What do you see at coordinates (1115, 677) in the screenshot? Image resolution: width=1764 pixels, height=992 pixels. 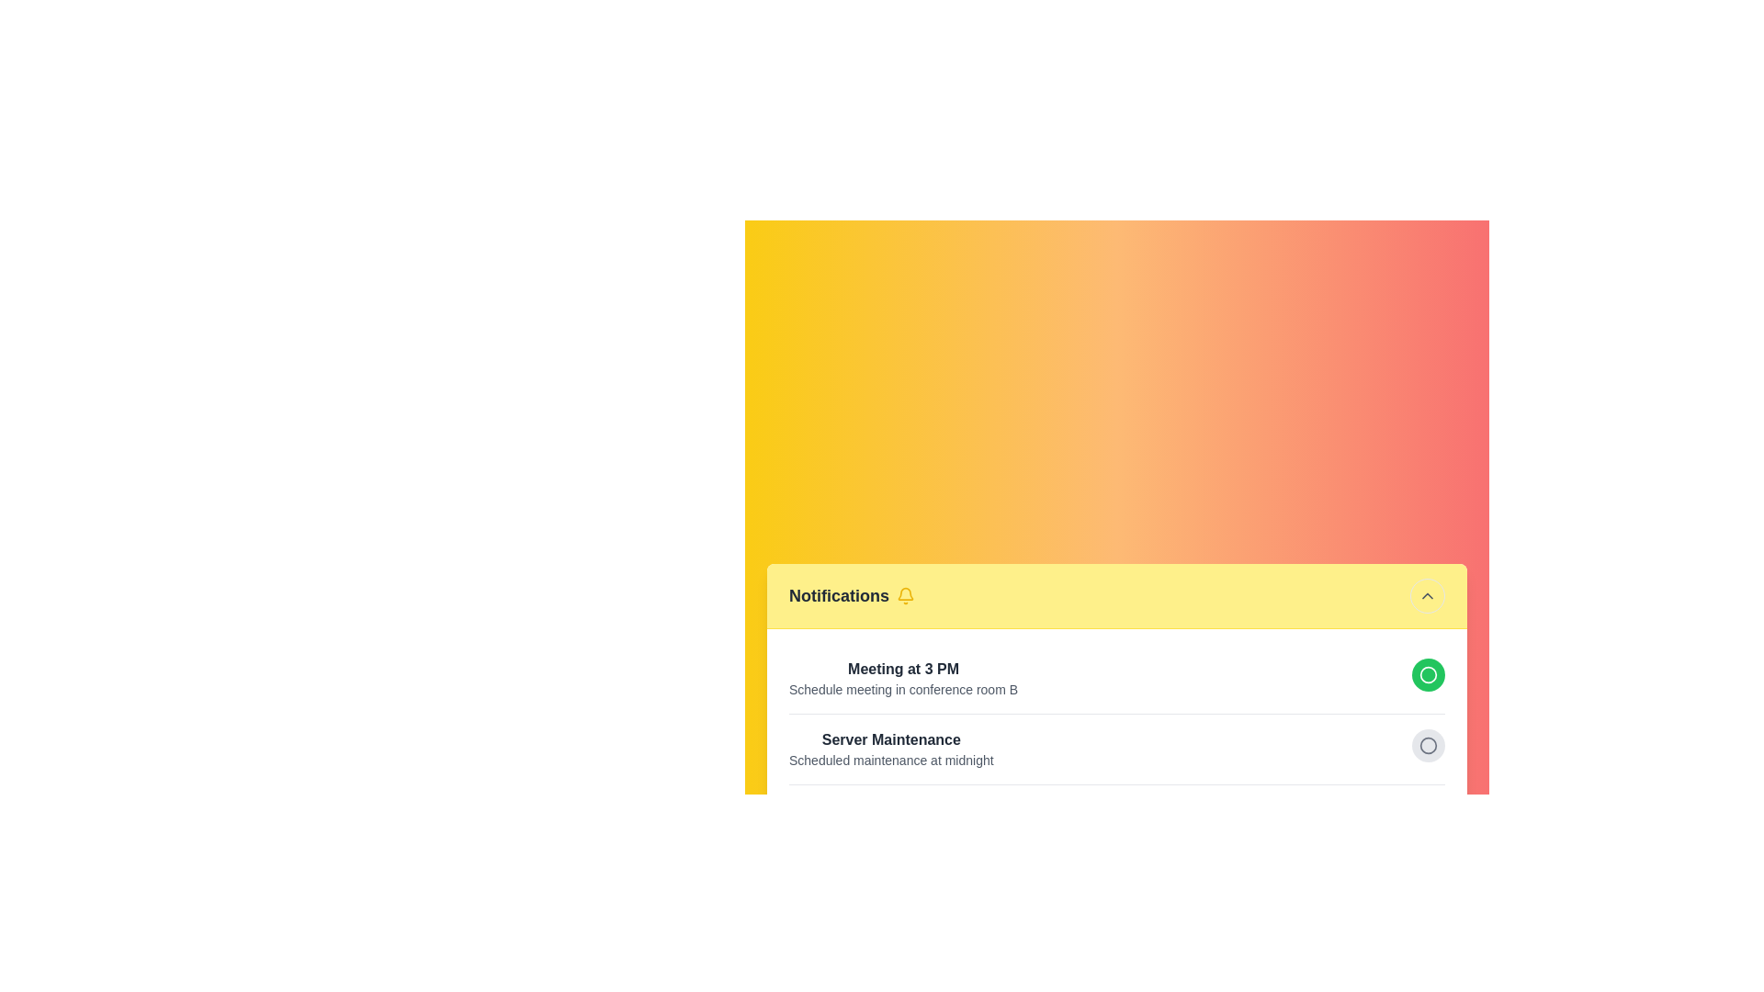 I see `the interactive button on the right side of the 'Meeting at 3 PM' notification` at bounding box center [1115, 677].